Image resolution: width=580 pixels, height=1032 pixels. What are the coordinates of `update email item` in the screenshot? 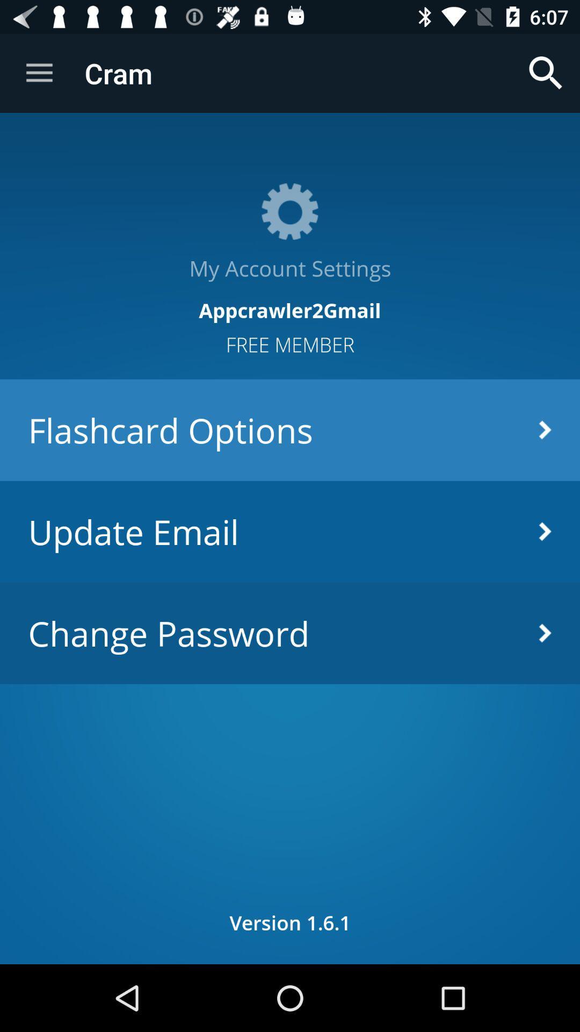 It's located at (290, 532).